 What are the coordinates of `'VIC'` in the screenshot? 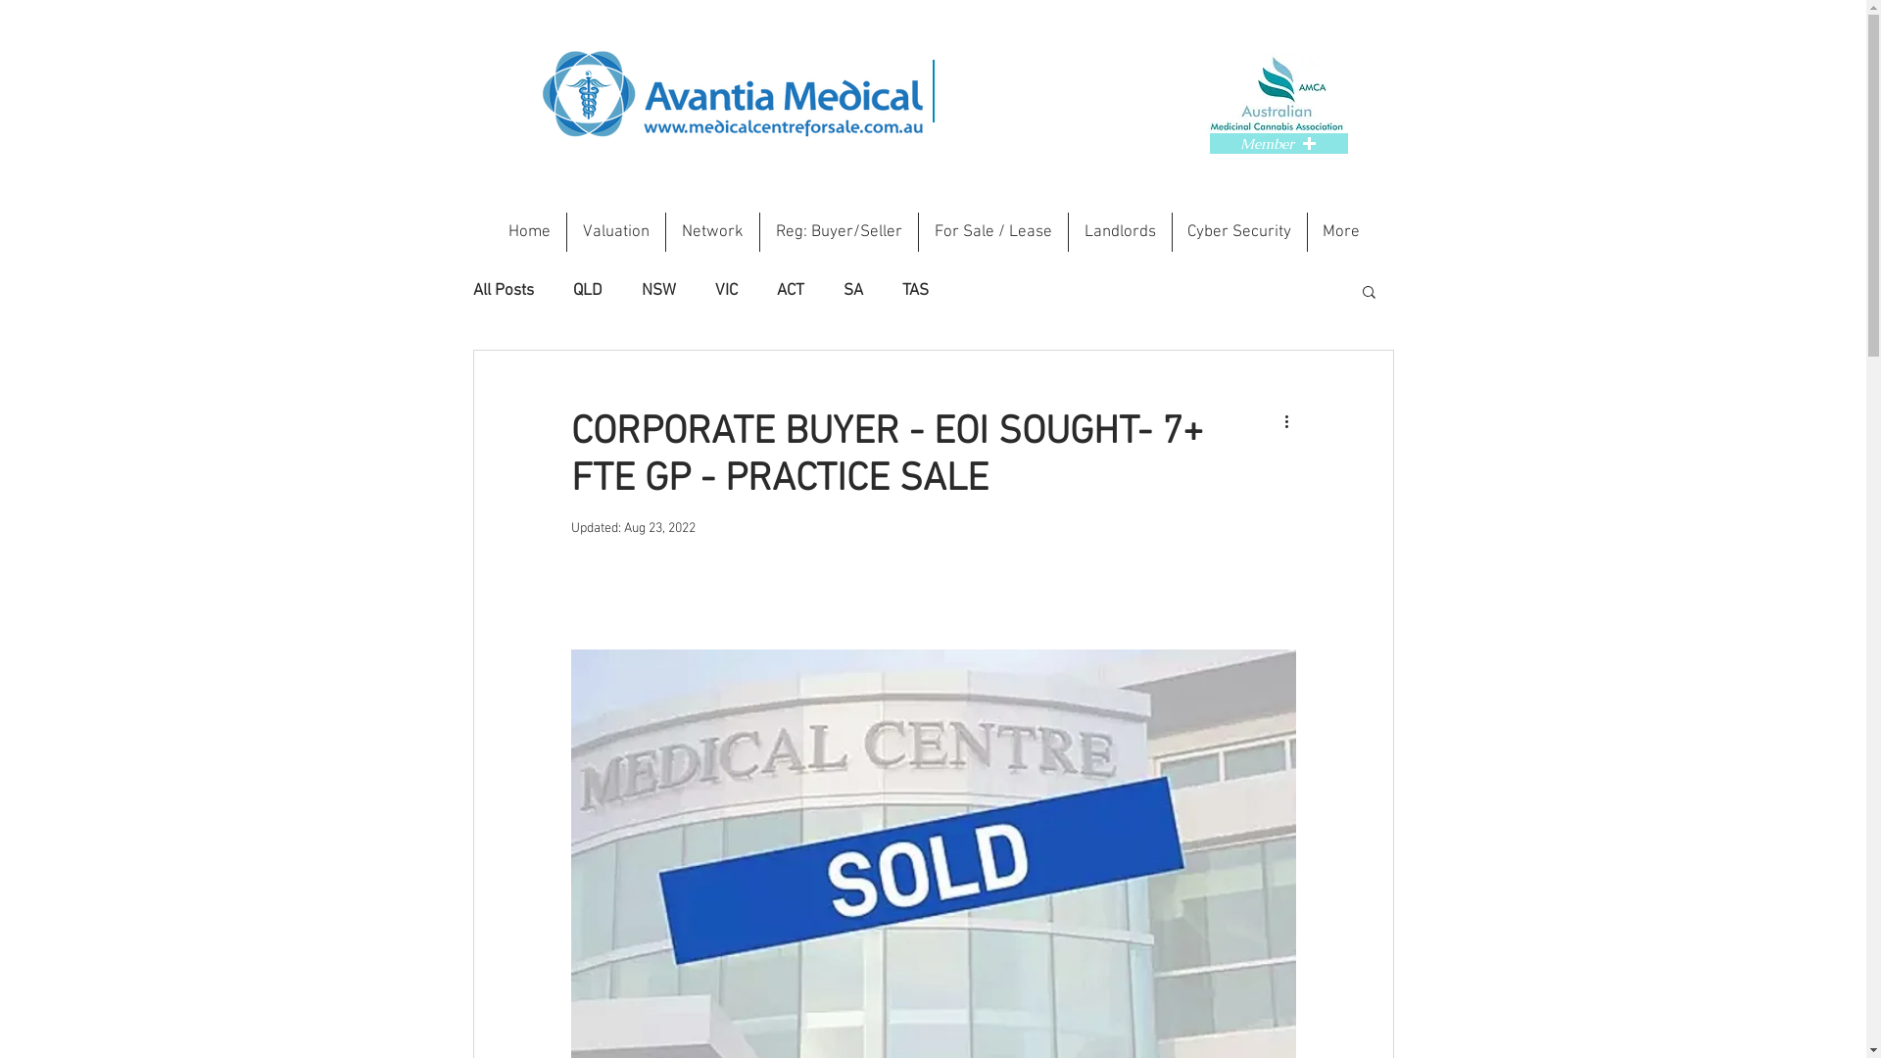 It's located at (725, 291).